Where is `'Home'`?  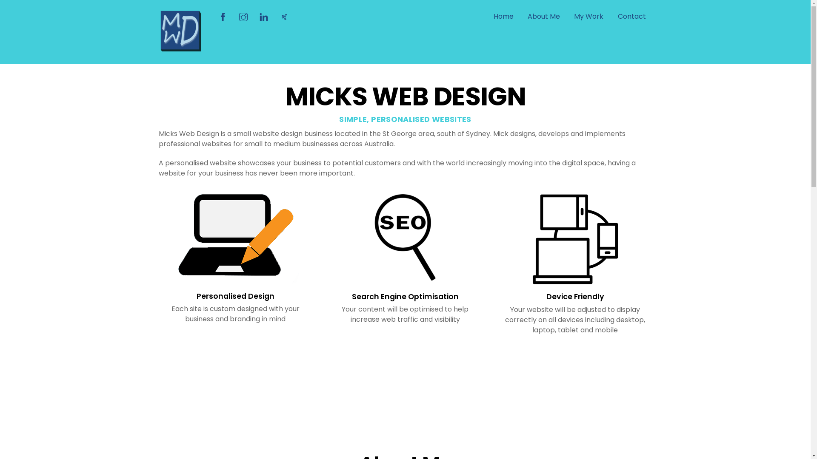
'Home' is located at coordinates (503, 17).